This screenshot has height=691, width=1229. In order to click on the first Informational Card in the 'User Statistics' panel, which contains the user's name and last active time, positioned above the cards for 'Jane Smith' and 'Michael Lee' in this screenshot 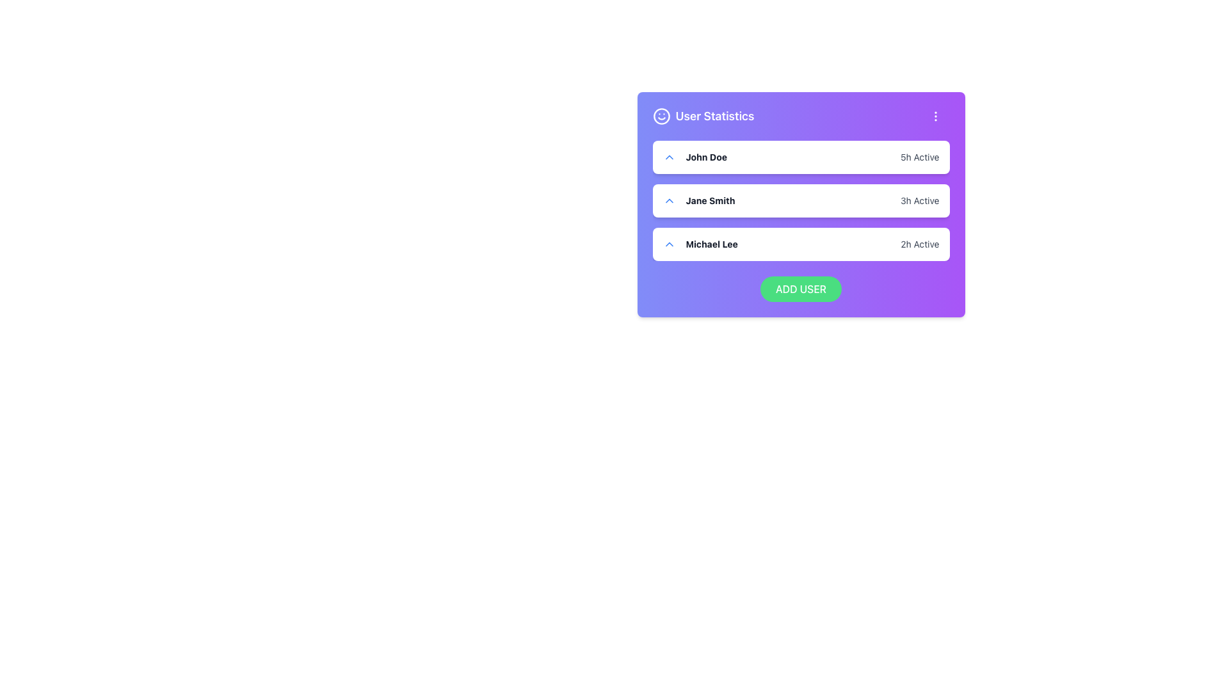, I will do `click(800, 157)`.